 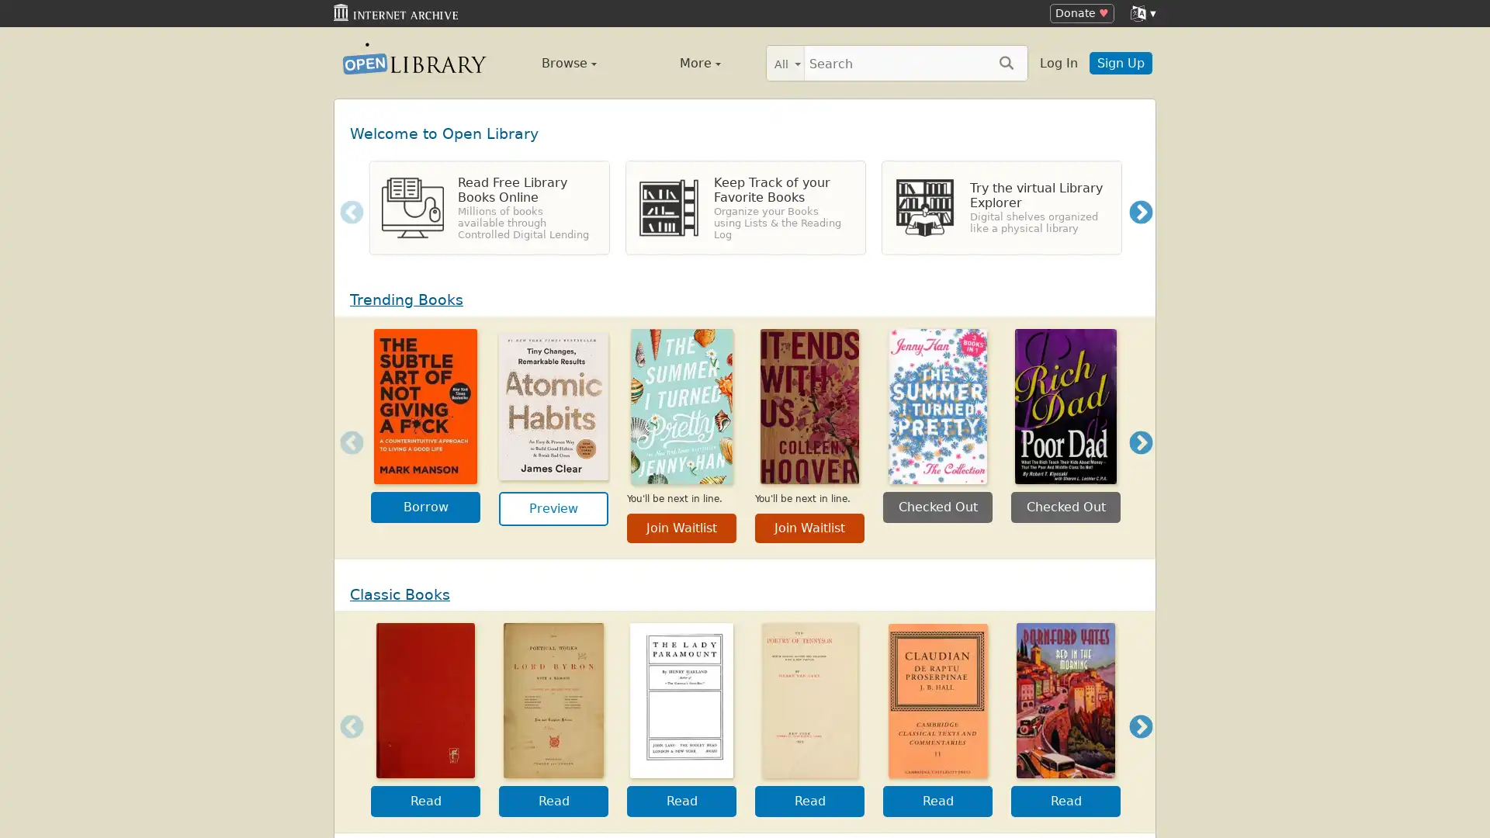 I want to click on Join Waitlist, so click(x=809, y=528).